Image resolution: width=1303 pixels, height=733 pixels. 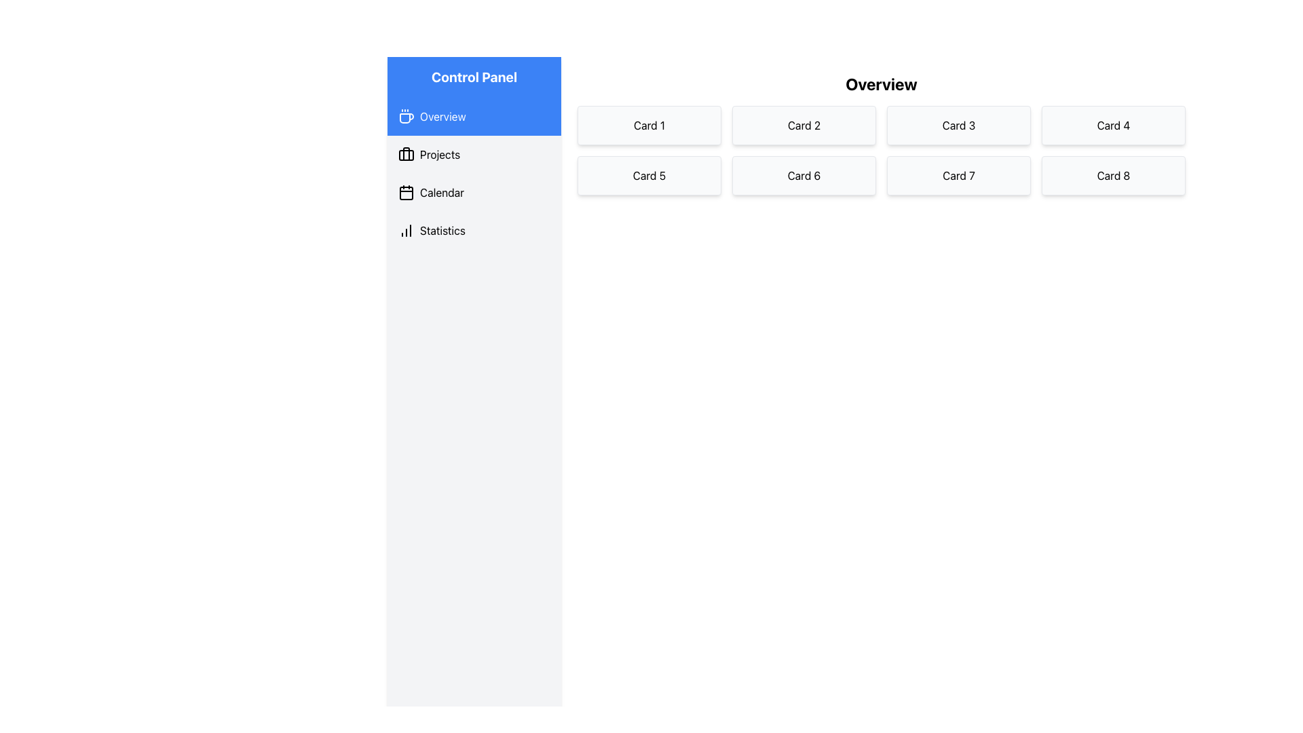 I want to click on the inner rounded rectangle SVG graphic component within the calendar icon located in the sidebar, adjacent to the 'Calendar' label, so click(x=406, y=193).